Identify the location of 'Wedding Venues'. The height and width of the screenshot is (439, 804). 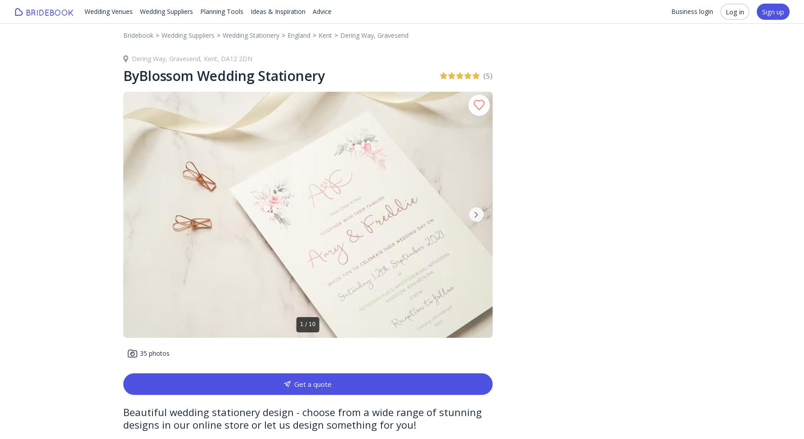
(108, 11).